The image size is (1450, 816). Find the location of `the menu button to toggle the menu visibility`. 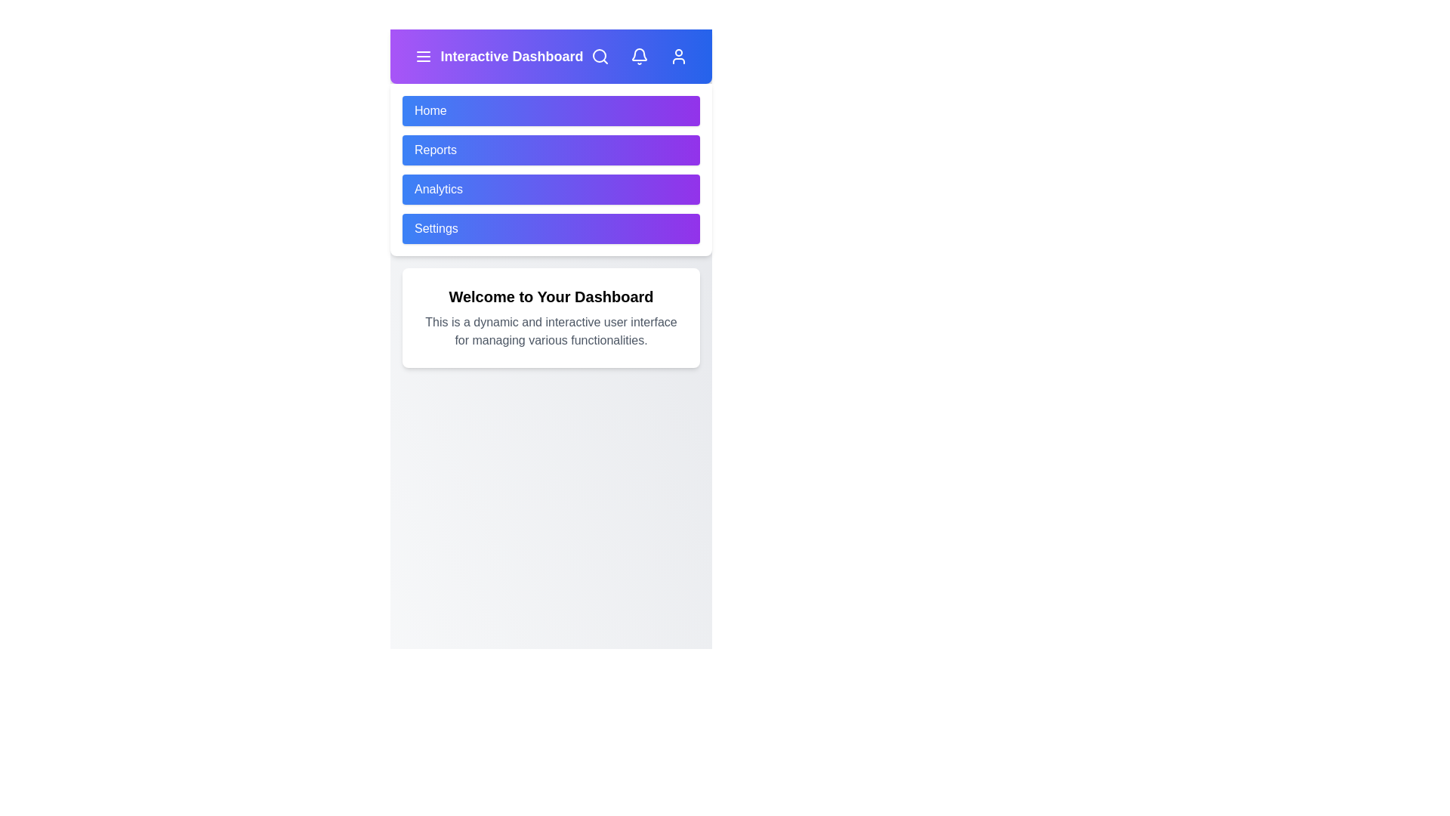

the menu button to toggle the menu visibility is located at coordinates (423, 55).